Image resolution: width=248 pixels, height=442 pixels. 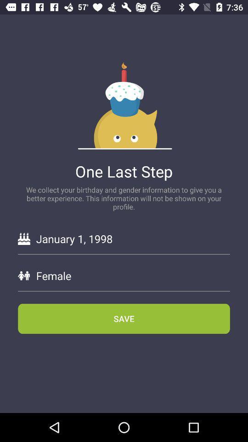 What do you see at coordinates (132, 276) in the screenshot?
I see `the female item` at bounding box center [132, 276].